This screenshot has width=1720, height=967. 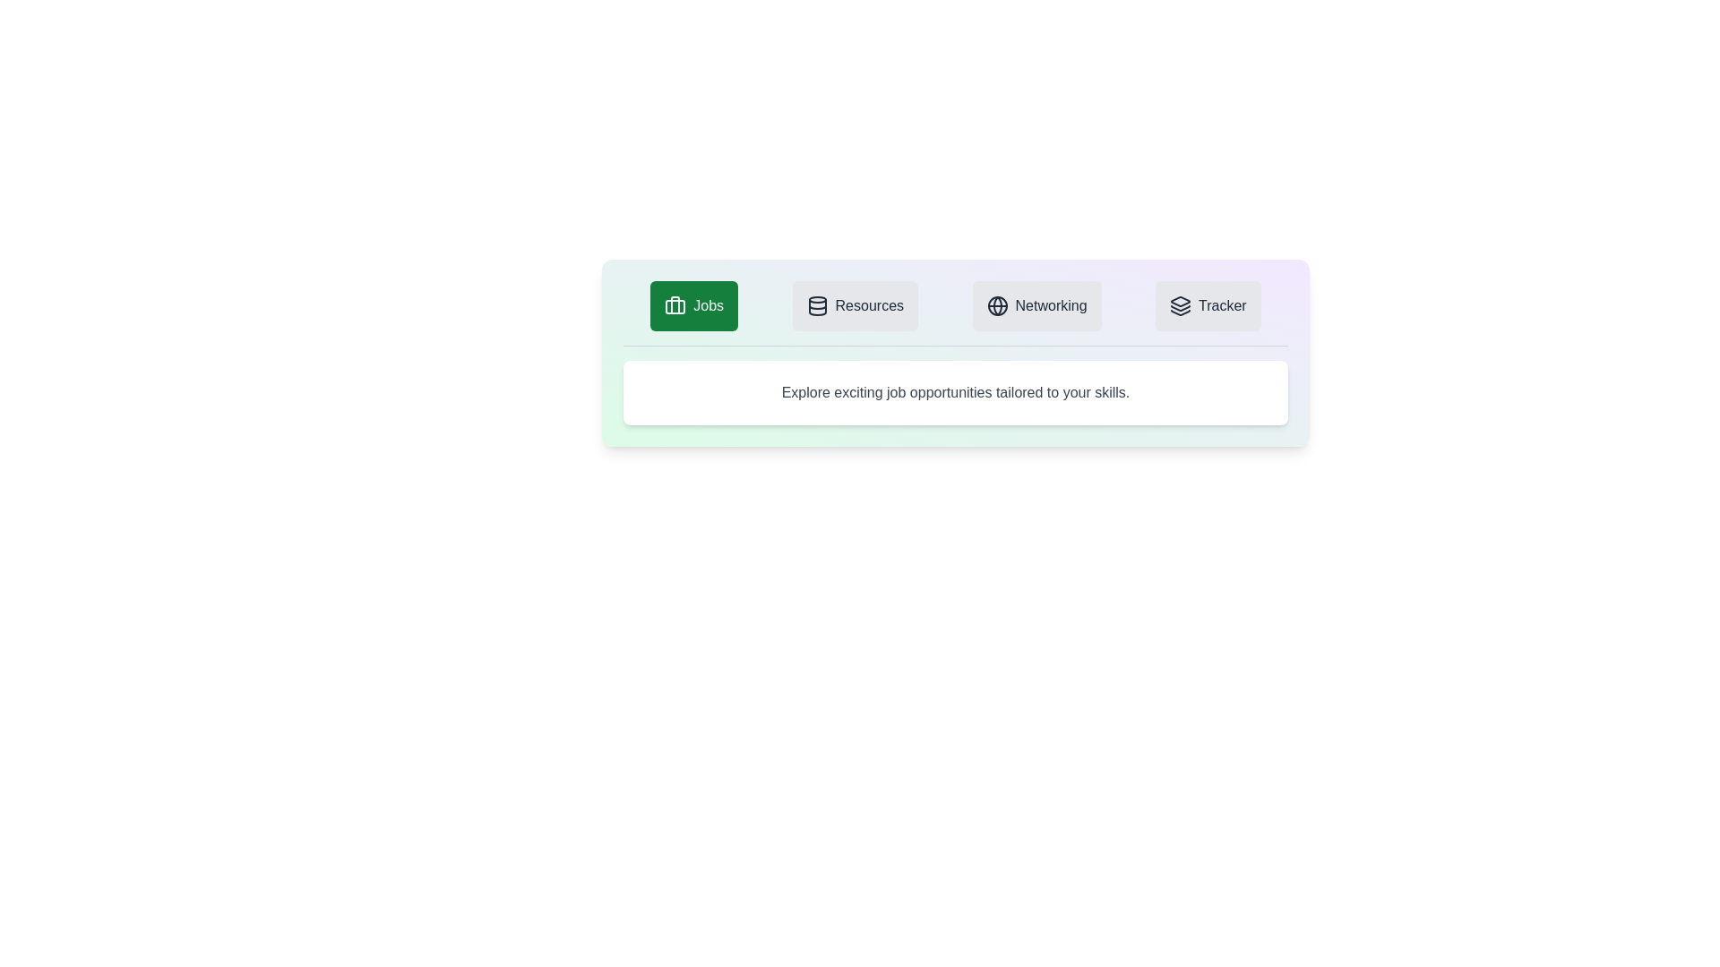 I want to click on the text content displayed under the active tab to interact with it, so click(x=954, y=392).